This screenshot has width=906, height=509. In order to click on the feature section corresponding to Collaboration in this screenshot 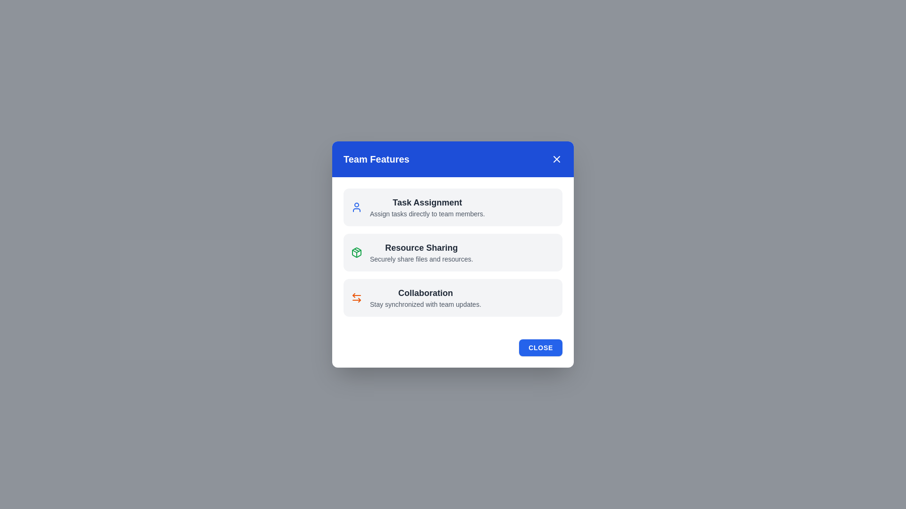, I will do `click(453, 298)`.